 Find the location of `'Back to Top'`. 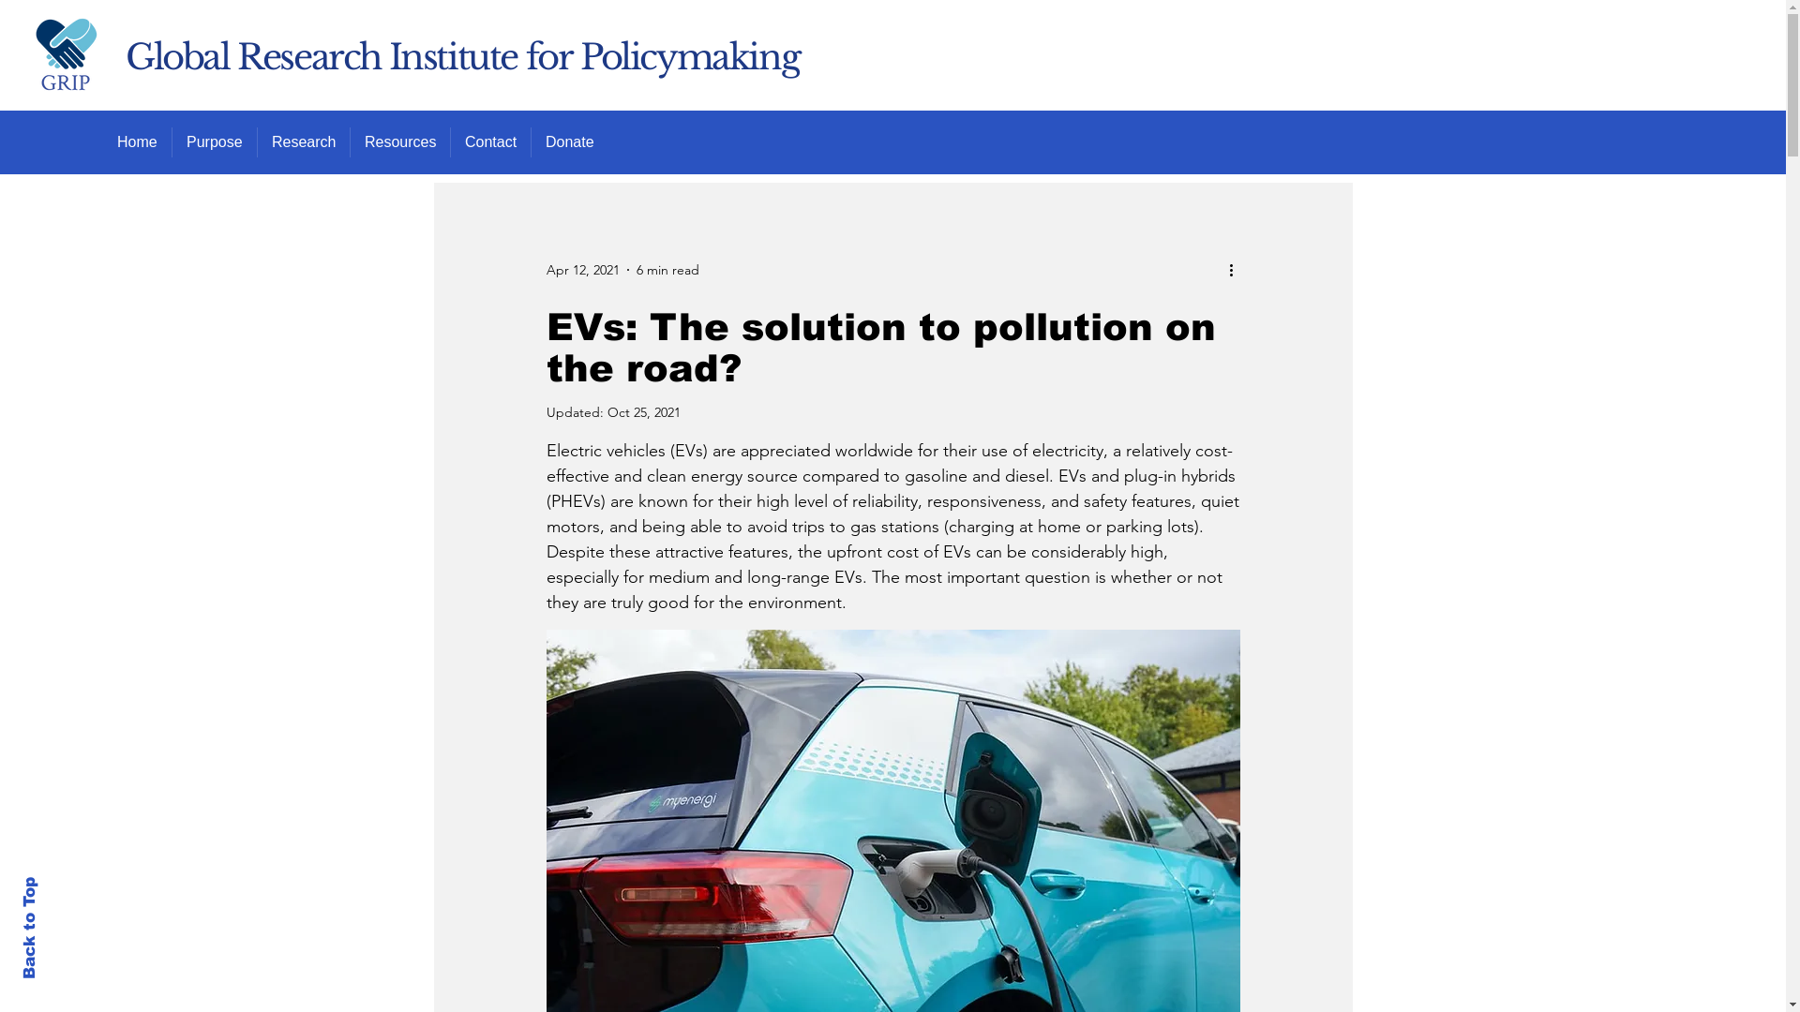

'Back to Top' is located at coordinates (71, 885).